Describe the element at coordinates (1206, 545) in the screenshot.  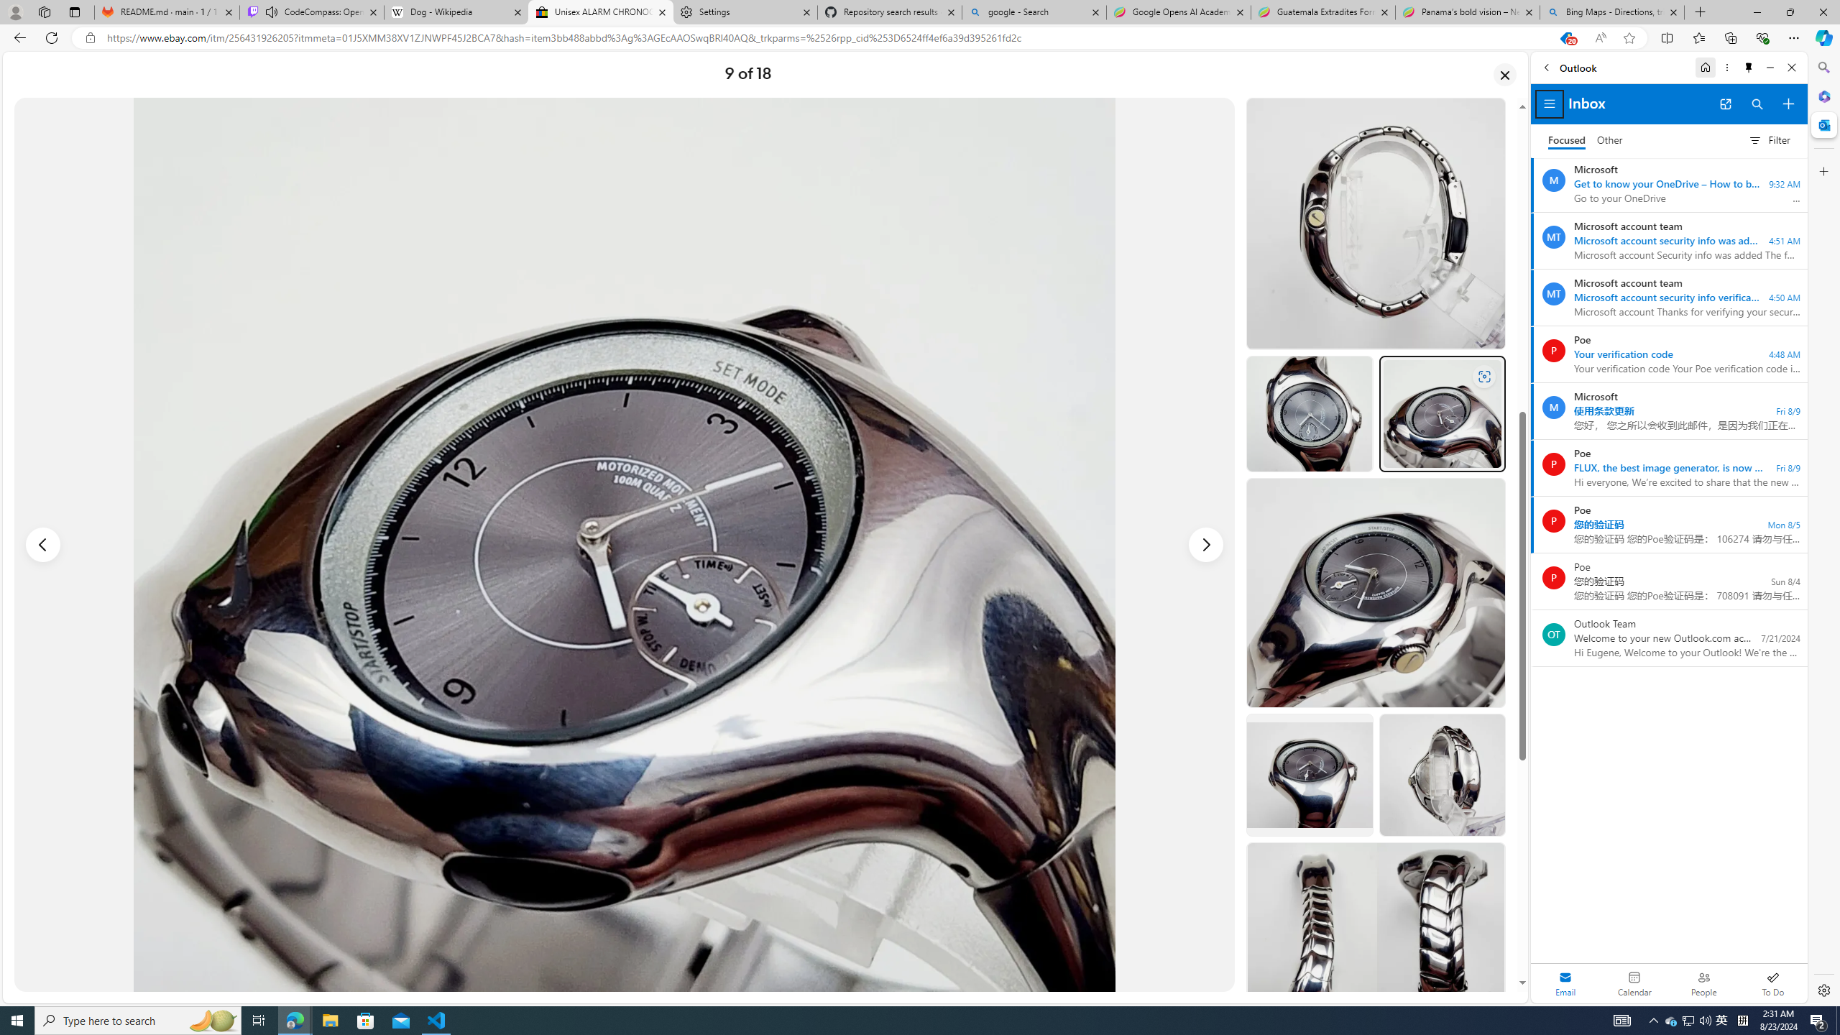
I see `'Next image - Item images thumbnails'` at that location.